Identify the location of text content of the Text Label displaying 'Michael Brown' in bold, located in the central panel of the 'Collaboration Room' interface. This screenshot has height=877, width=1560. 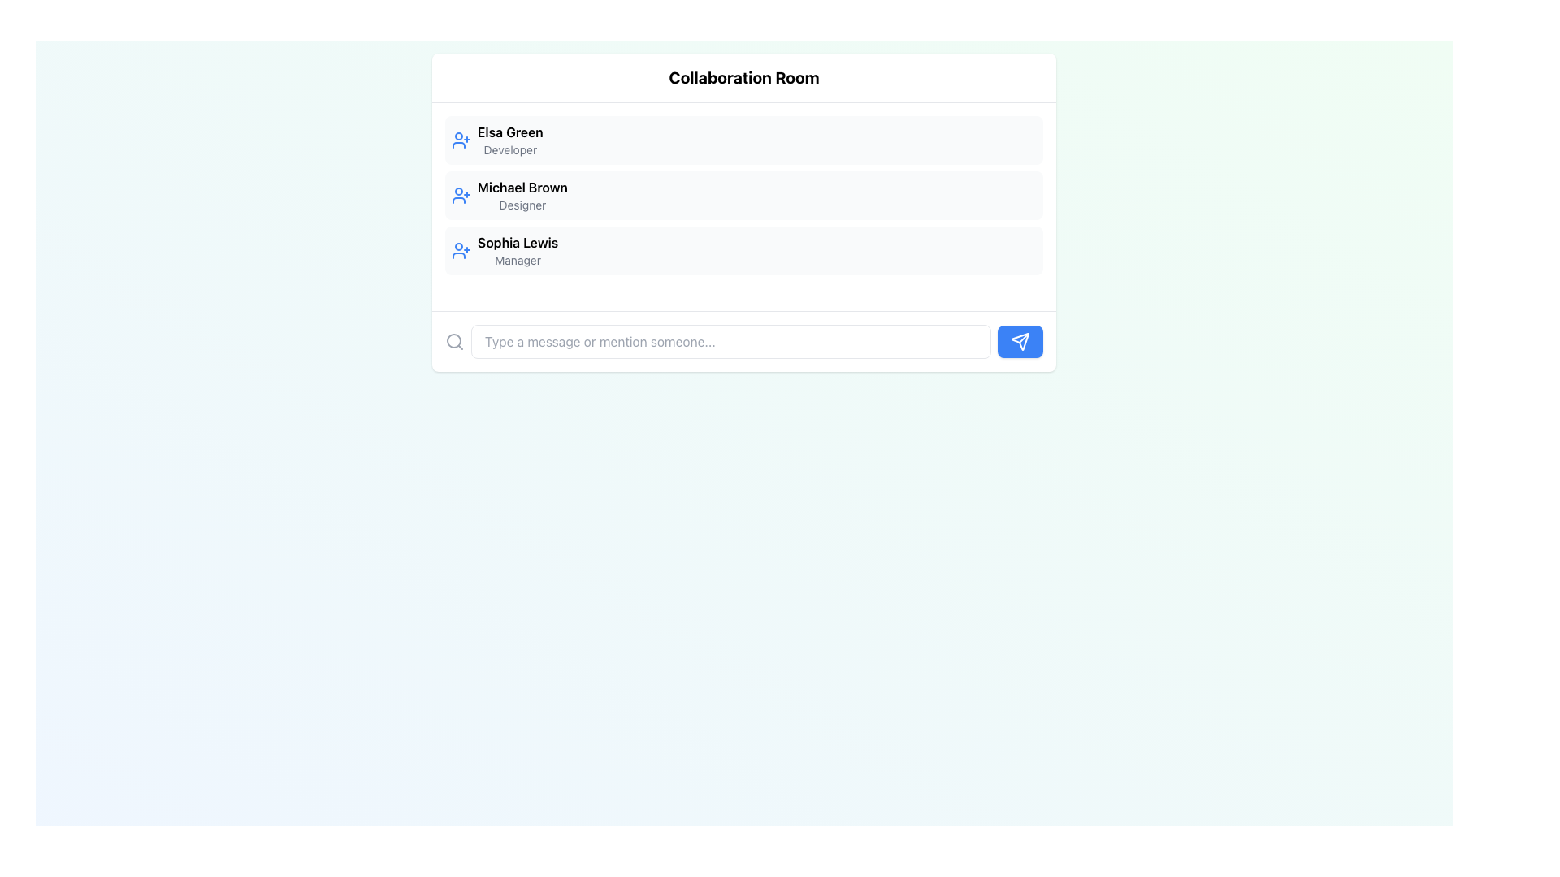
(522, 187).